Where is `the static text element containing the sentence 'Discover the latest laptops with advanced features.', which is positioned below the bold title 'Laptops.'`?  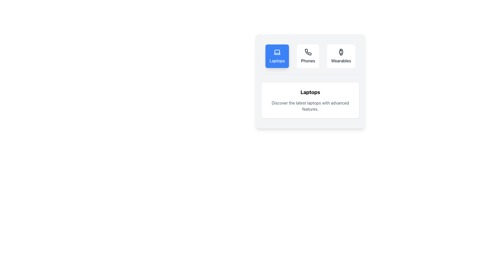 the static text element containing the sentence 'Discover the latest laptops with advanced features.', which is positioned below the bold title 'Laptops.' is located at coordinates (310, 106).